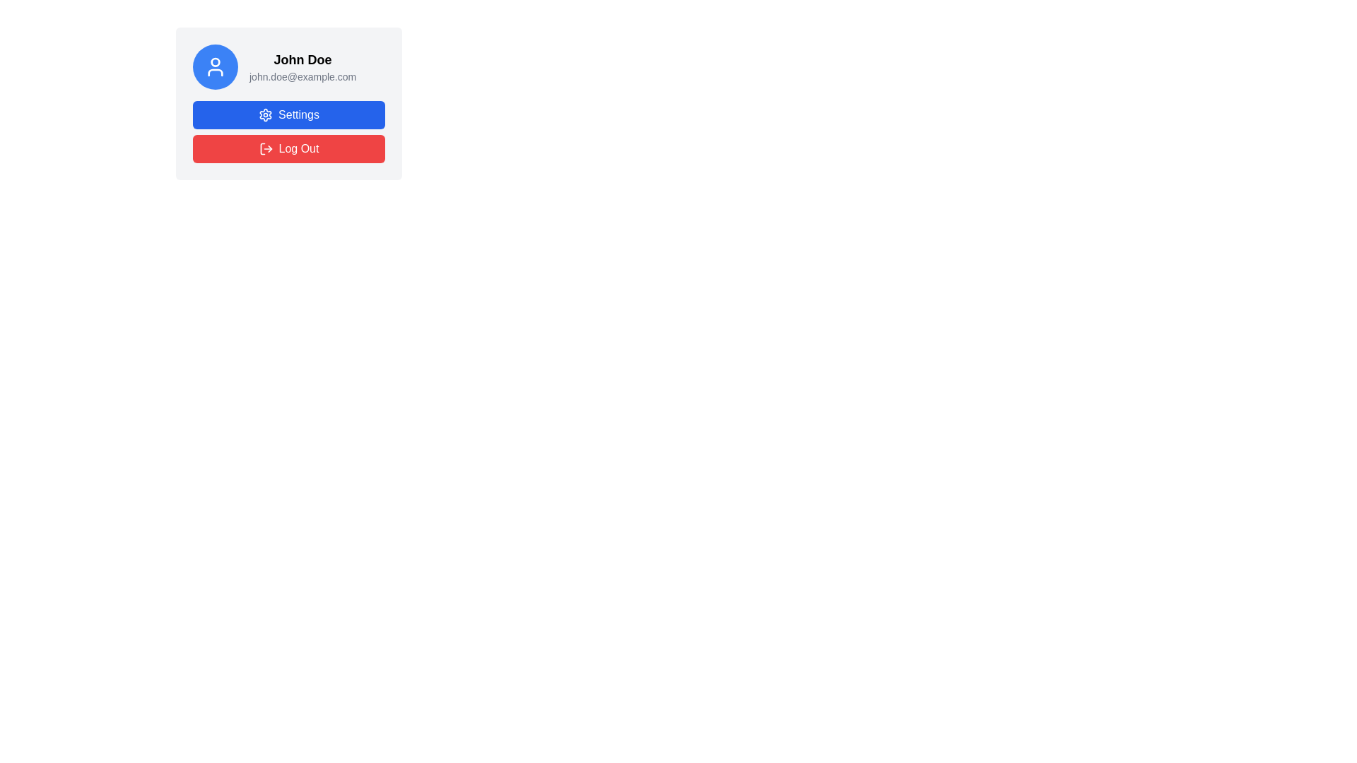 Image resolution: width=1357 pixels, height=763 pixels. Describe the element at coordinates (288, 102) in the screenshot. I see `the blue 'Settings' button with a gear icon located below the user information panel` at that location.